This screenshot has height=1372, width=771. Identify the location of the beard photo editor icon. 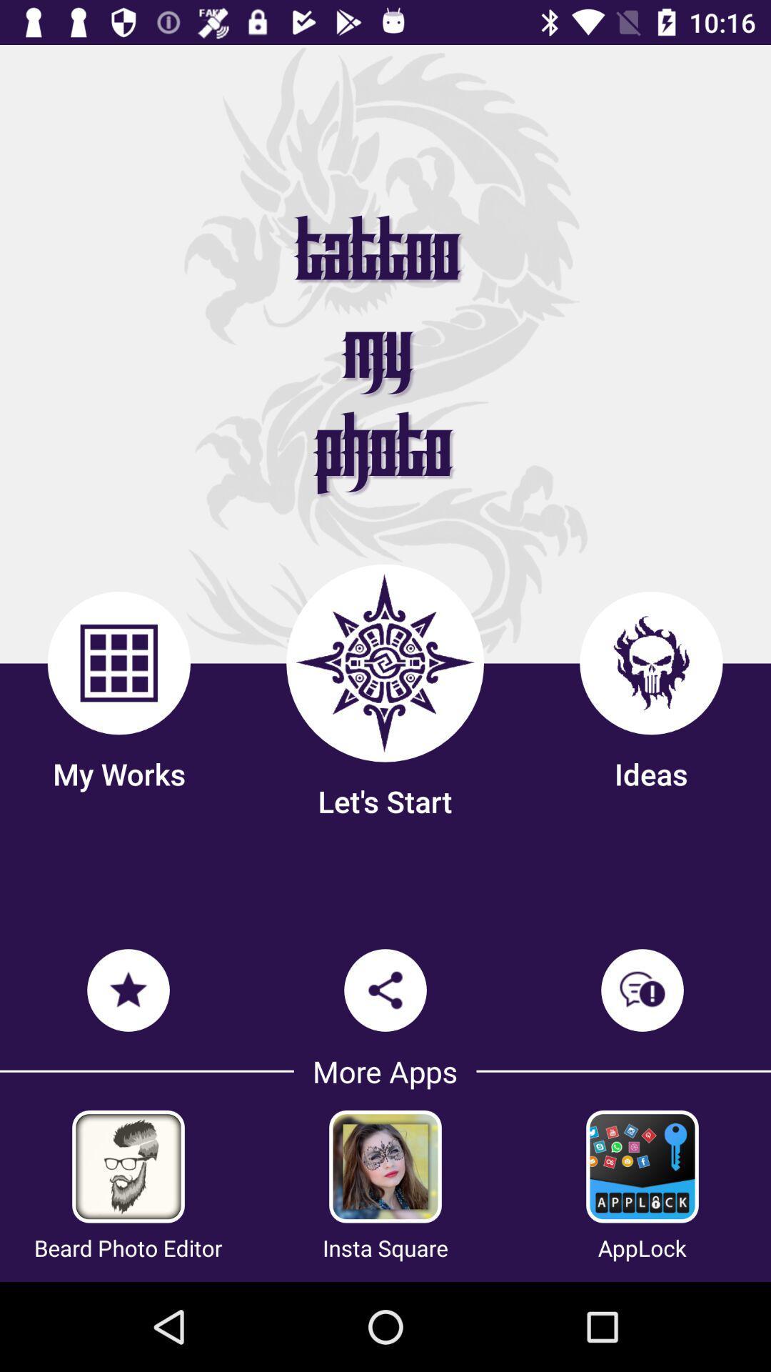
(127, 1247).